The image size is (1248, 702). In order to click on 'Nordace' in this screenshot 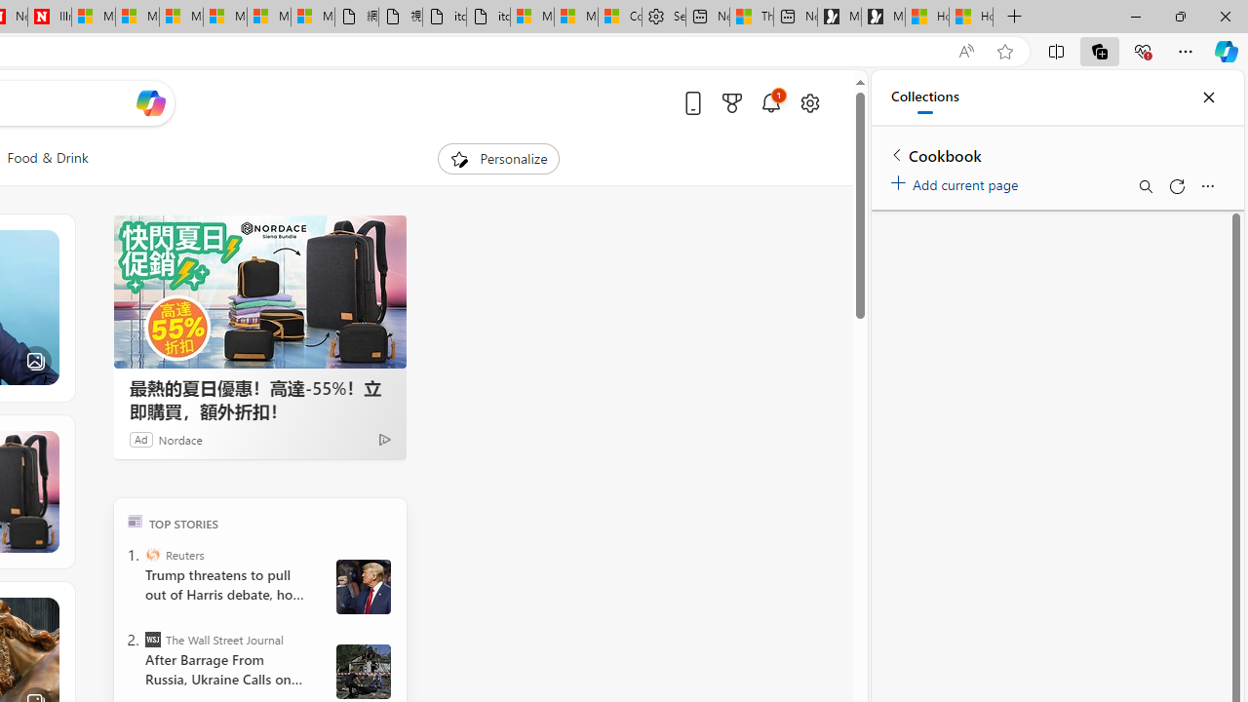, I will do `click(179, 439)`.